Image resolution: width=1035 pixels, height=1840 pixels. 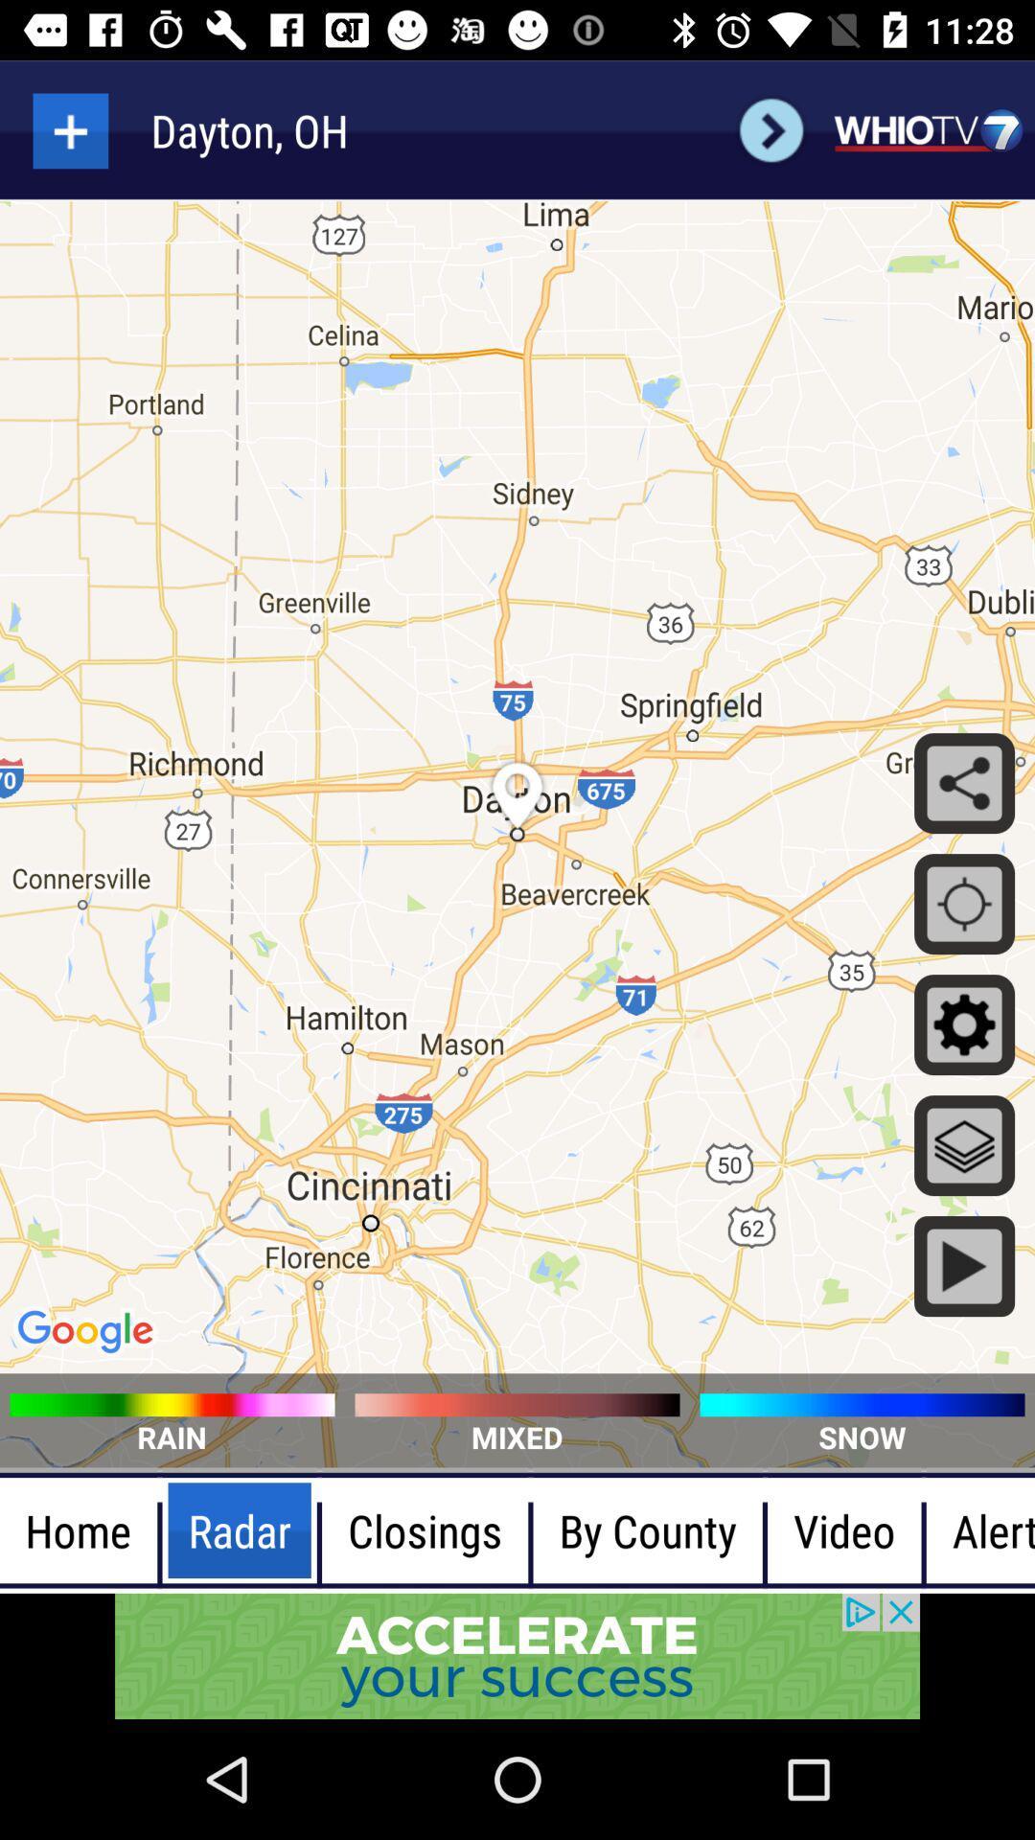 I want to click on advisement, so click(x=517, y=1655).